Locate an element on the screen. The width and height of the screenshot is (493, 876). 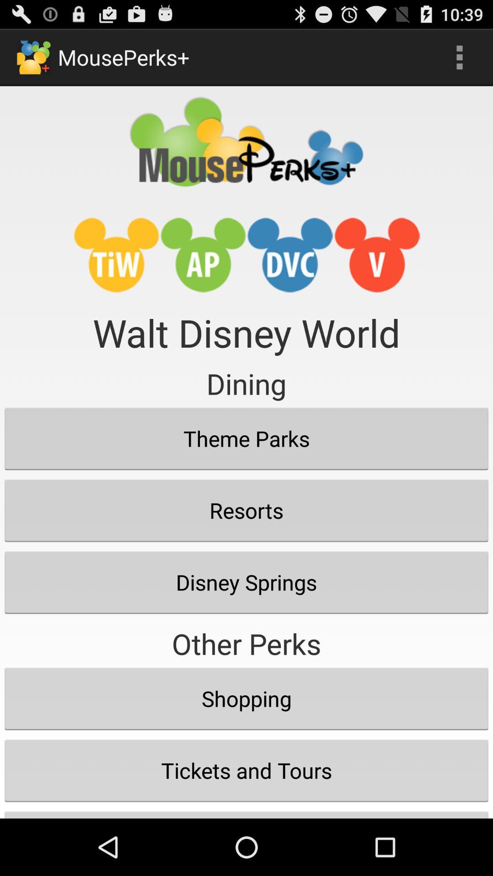
the icon above tickets and tours button is located at coordinates (246, 698).